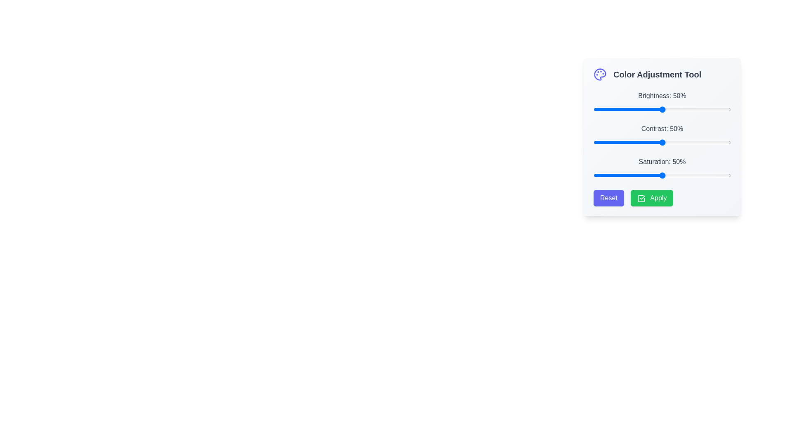  What do you see at coordinates (648, 175) in the screenshot?
I see `saturation` at bounding box center [648, 175].